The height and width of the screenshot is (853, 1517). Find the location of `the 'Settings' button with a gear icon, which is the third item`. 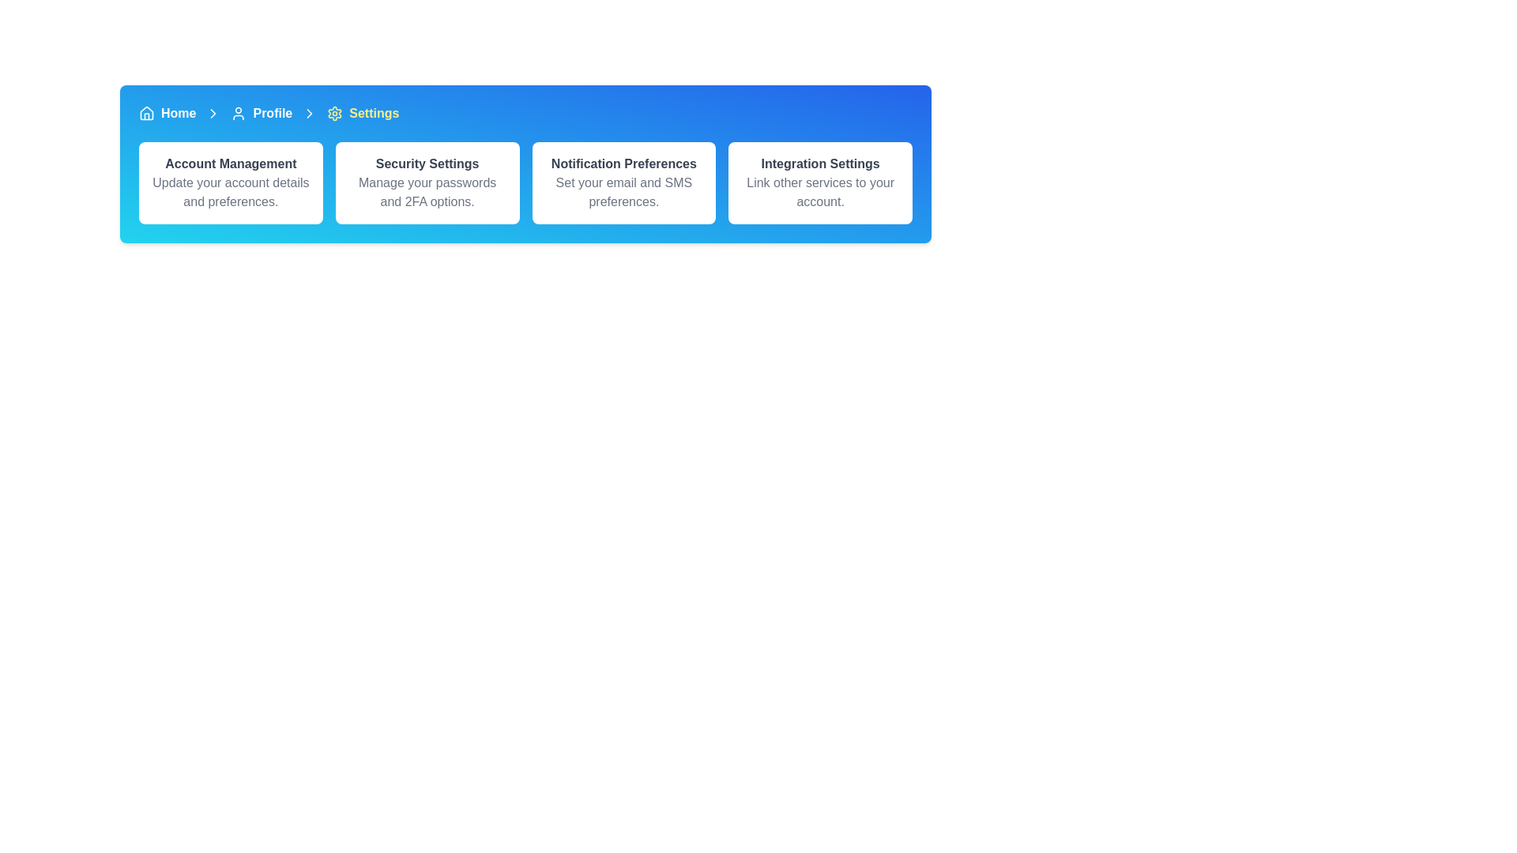

the 'Settings' button with a gear icon, which is the third item is located at coordinates (362, 112).